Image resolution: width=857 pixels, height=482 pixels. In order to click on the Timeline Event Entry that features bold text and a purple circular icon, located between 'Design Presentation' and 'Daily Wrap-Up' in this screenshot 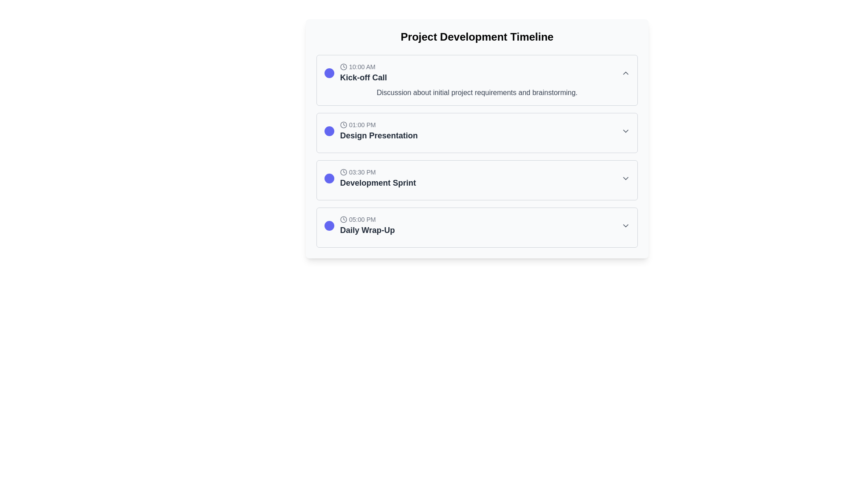, I will do `click(370, 179)`.